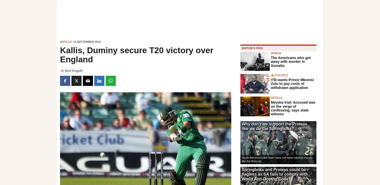 The height and width of the screenshot is (185, 380). What do you see at coordinates (241, 31) in the screenshot?
I see `'Reserve Bank holds repo rate, looks through shock inflation data'` at bounding box center [241, 31].